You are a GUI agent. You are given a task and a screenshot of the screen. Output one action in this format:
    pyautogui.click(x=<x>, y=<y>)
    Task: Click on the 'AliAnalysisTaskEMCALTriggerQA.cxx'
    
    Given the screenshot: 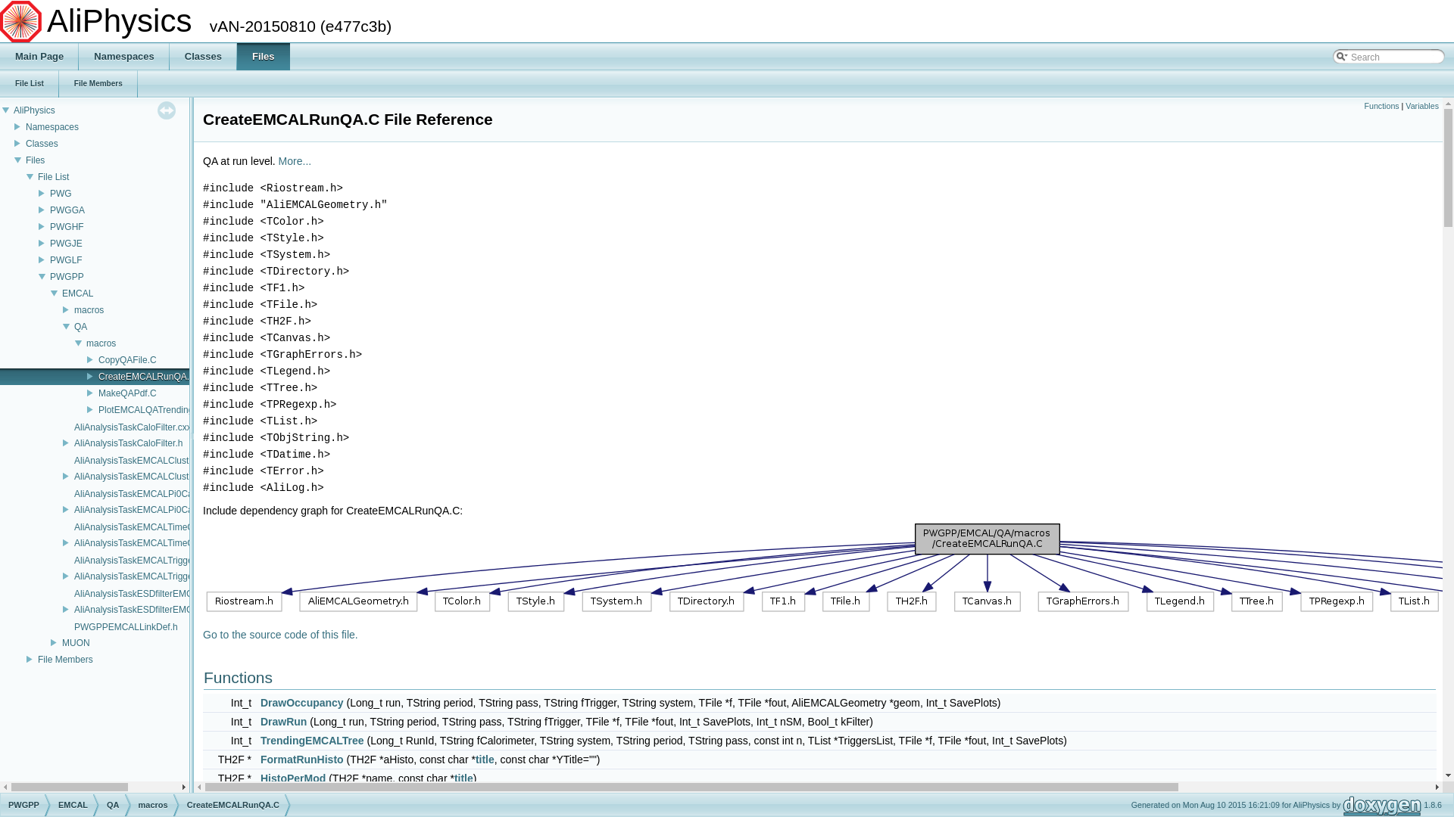 What is the action you would take?
    pyautogui.click(x=149, y=560)
    